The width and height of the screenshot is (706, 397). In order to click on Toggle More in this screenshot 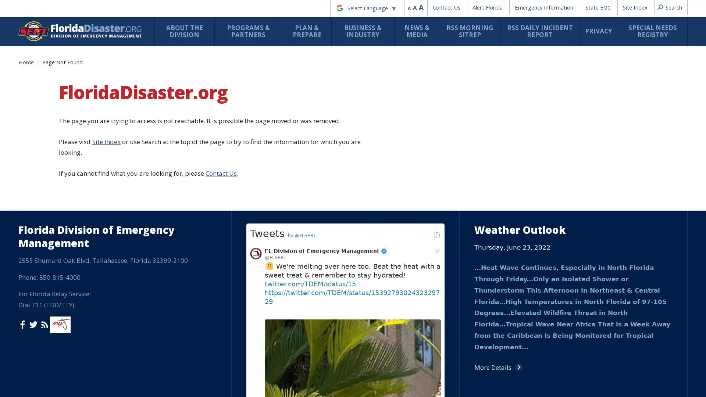, I will do `click(295, 292)`.